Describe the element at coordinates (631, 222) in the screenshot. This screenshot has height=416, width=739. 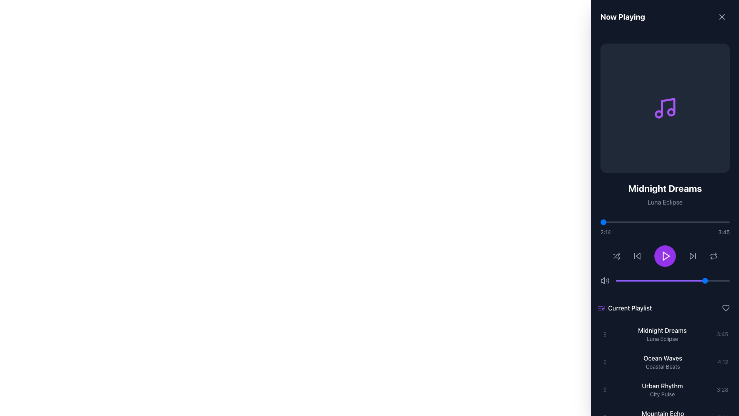
I see `the playback progress` at that location.